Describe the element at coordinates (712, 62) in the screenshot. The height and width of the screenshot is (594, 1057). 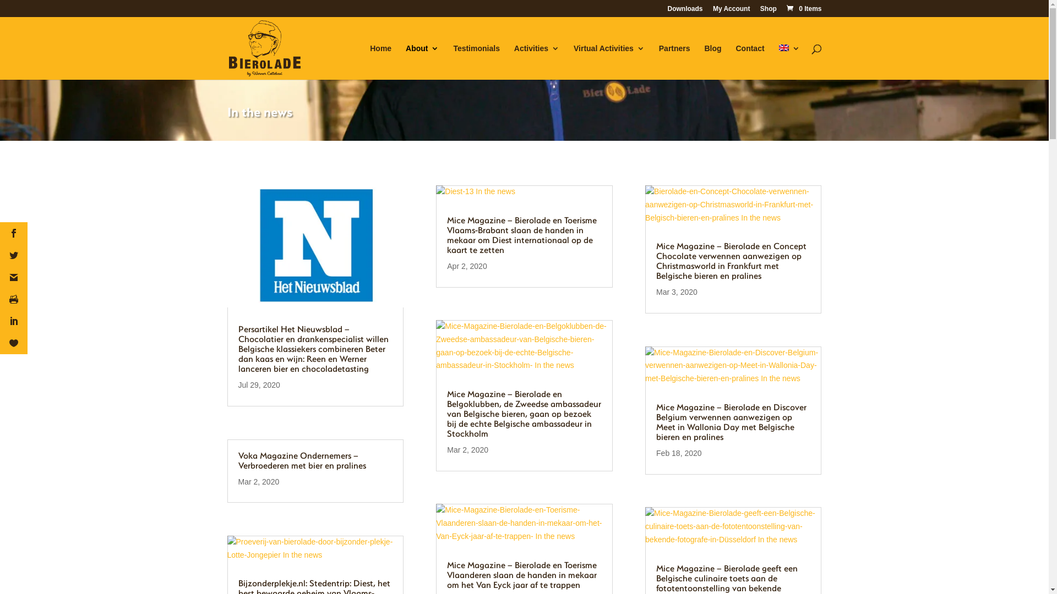
I see `'Blog'` at that location.